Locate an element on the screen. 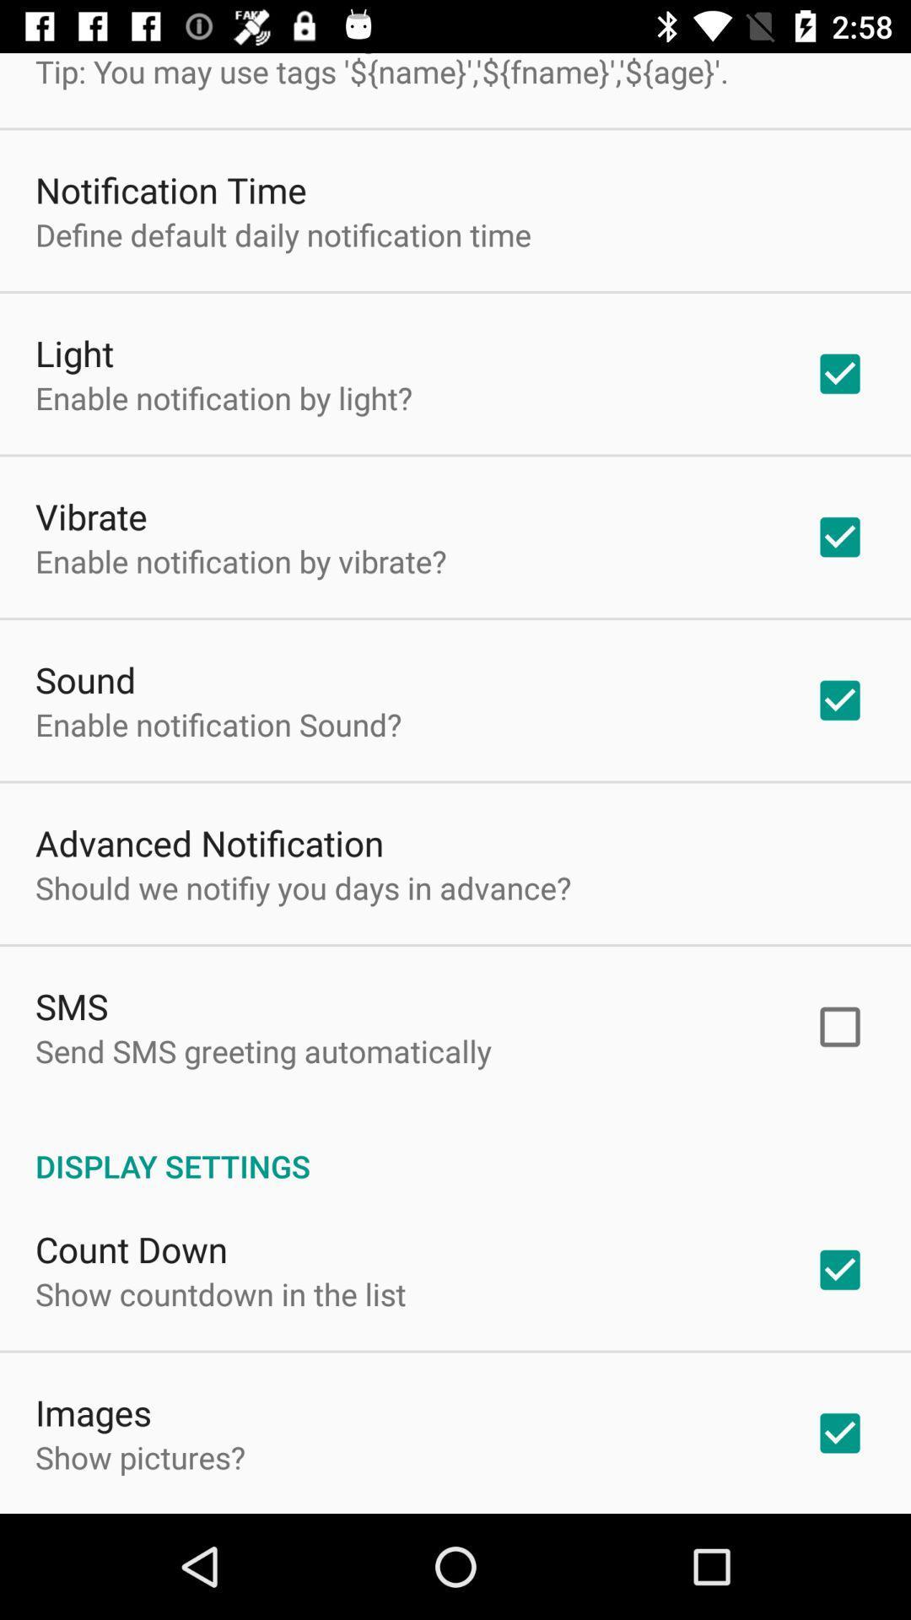  the app above the should we notifiy item is located at coordinates (208, 842).